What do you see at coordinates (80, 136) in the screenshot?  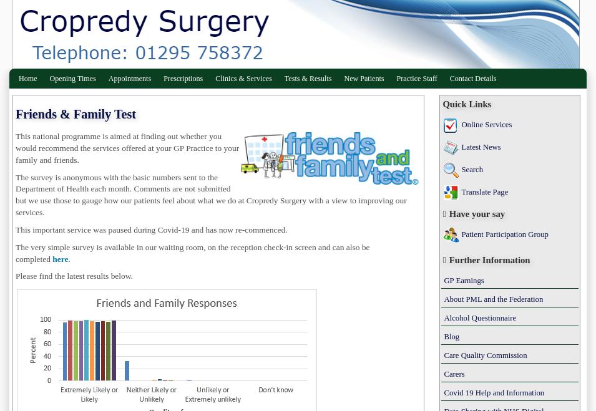 I see `'programme'` at bounding box center [80, 136].